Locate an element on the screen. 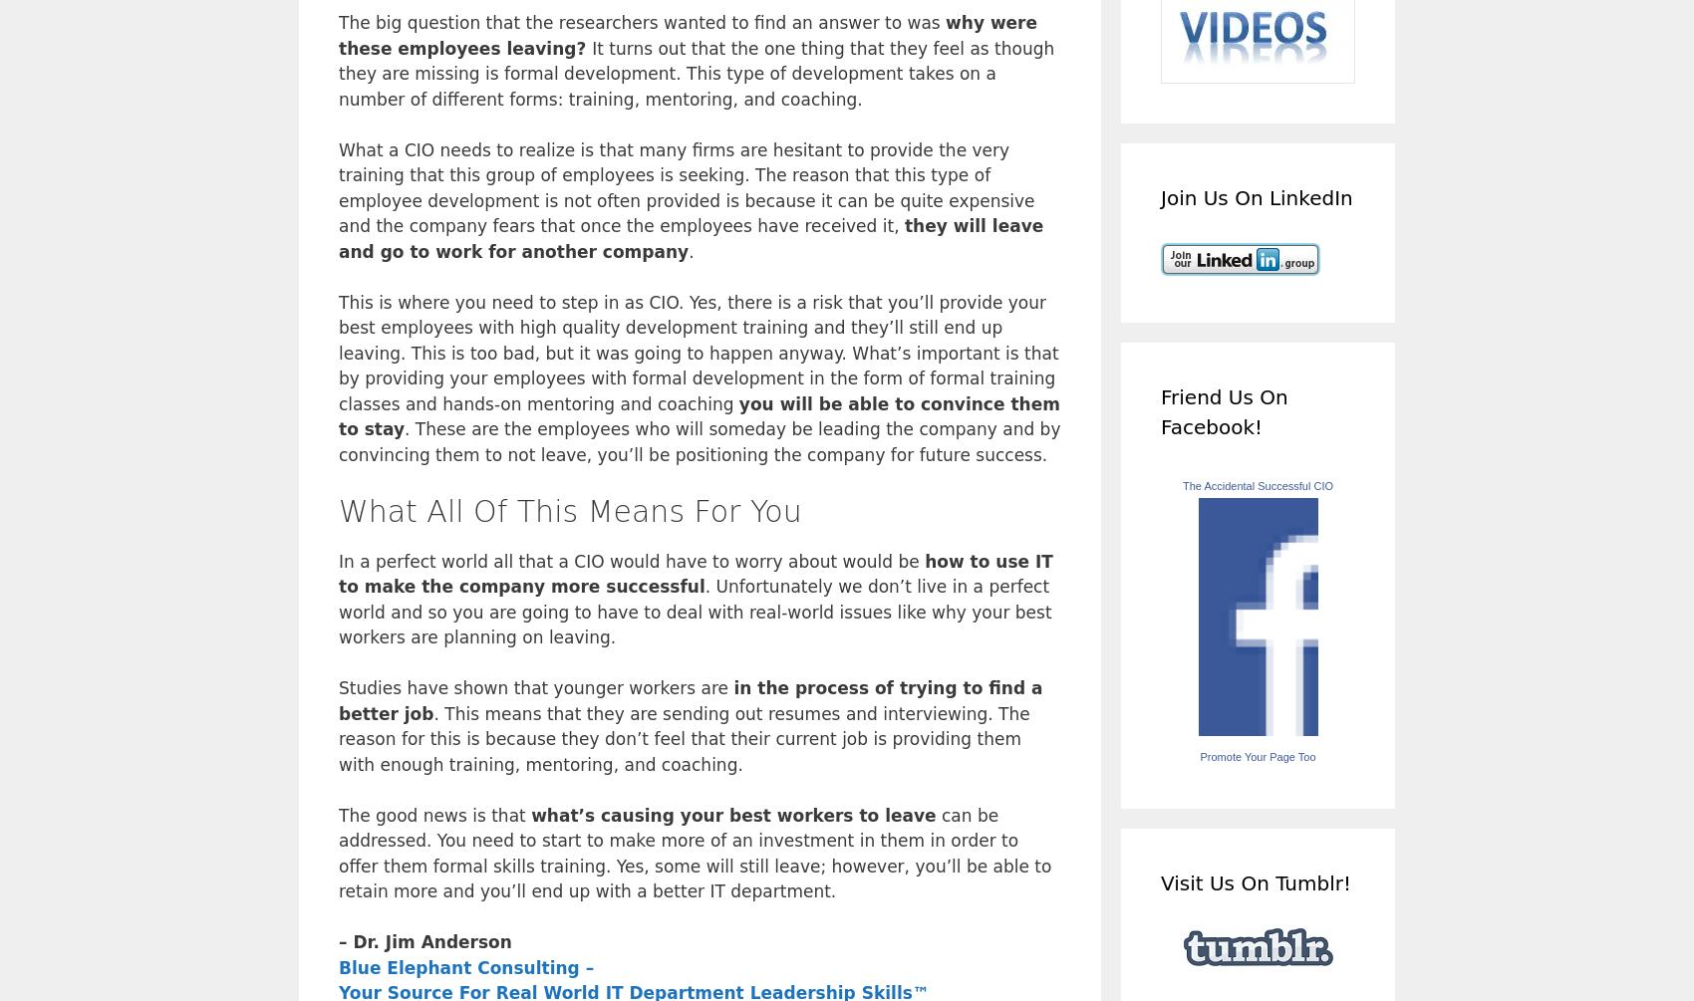 The width and height of the screenshot is (1694, 1001). 'Join Us On LinkedIn' is located at coordinates (1256, 195).